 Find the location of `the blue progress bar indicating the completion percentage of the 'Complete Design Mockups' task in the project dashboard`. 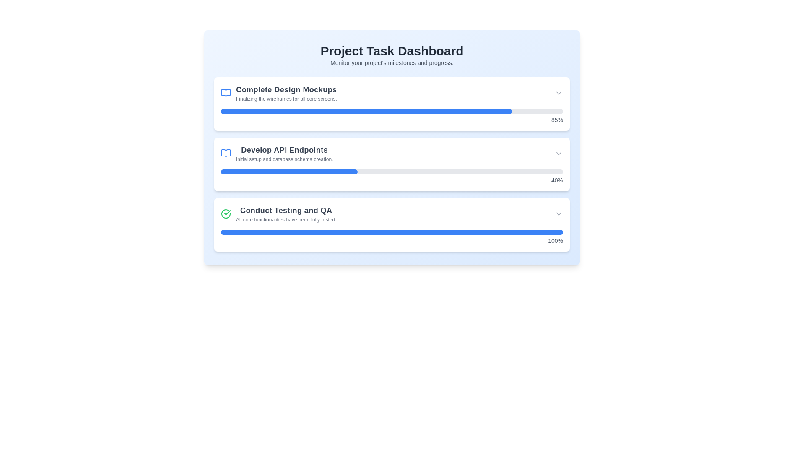

the blue progress bar indicating the completion percentage of the 'Complete Design Mockups' task in the project dashboard is located at coordinates (392, 111).